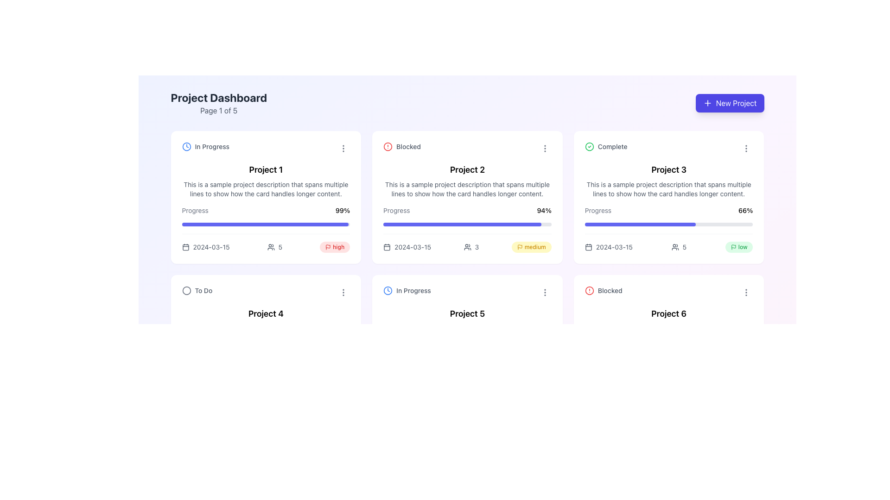 This screenshot has height=500, width=890. Describe the element at coordinates (684, 246) in the screenshot. I see `the text label that indicates a count or numerical reference, which is positioned to the right of an icon and above a progress label` at that location.